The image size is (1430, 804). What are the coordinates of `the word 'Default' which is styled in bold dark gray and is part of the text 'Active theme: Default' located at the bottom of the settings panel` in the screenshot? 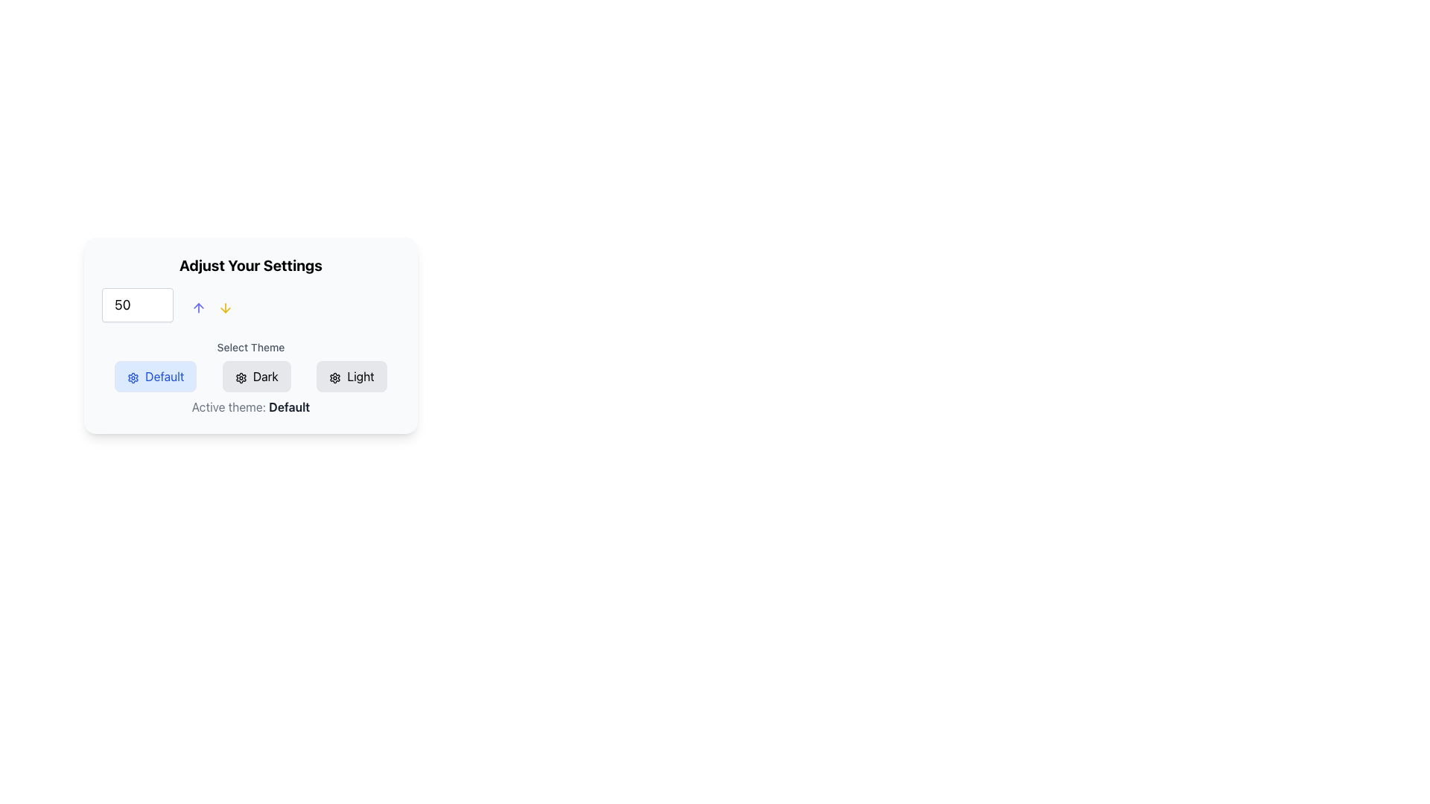 It's located at (289, 407).